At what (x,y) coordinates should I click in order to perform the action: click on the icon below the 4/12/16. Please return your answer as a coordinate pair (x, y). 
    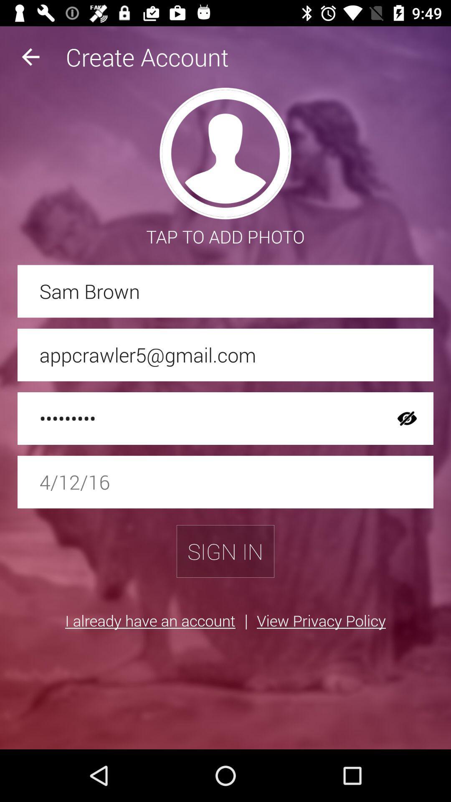
    Looking at the image, I should click on (225, 551).